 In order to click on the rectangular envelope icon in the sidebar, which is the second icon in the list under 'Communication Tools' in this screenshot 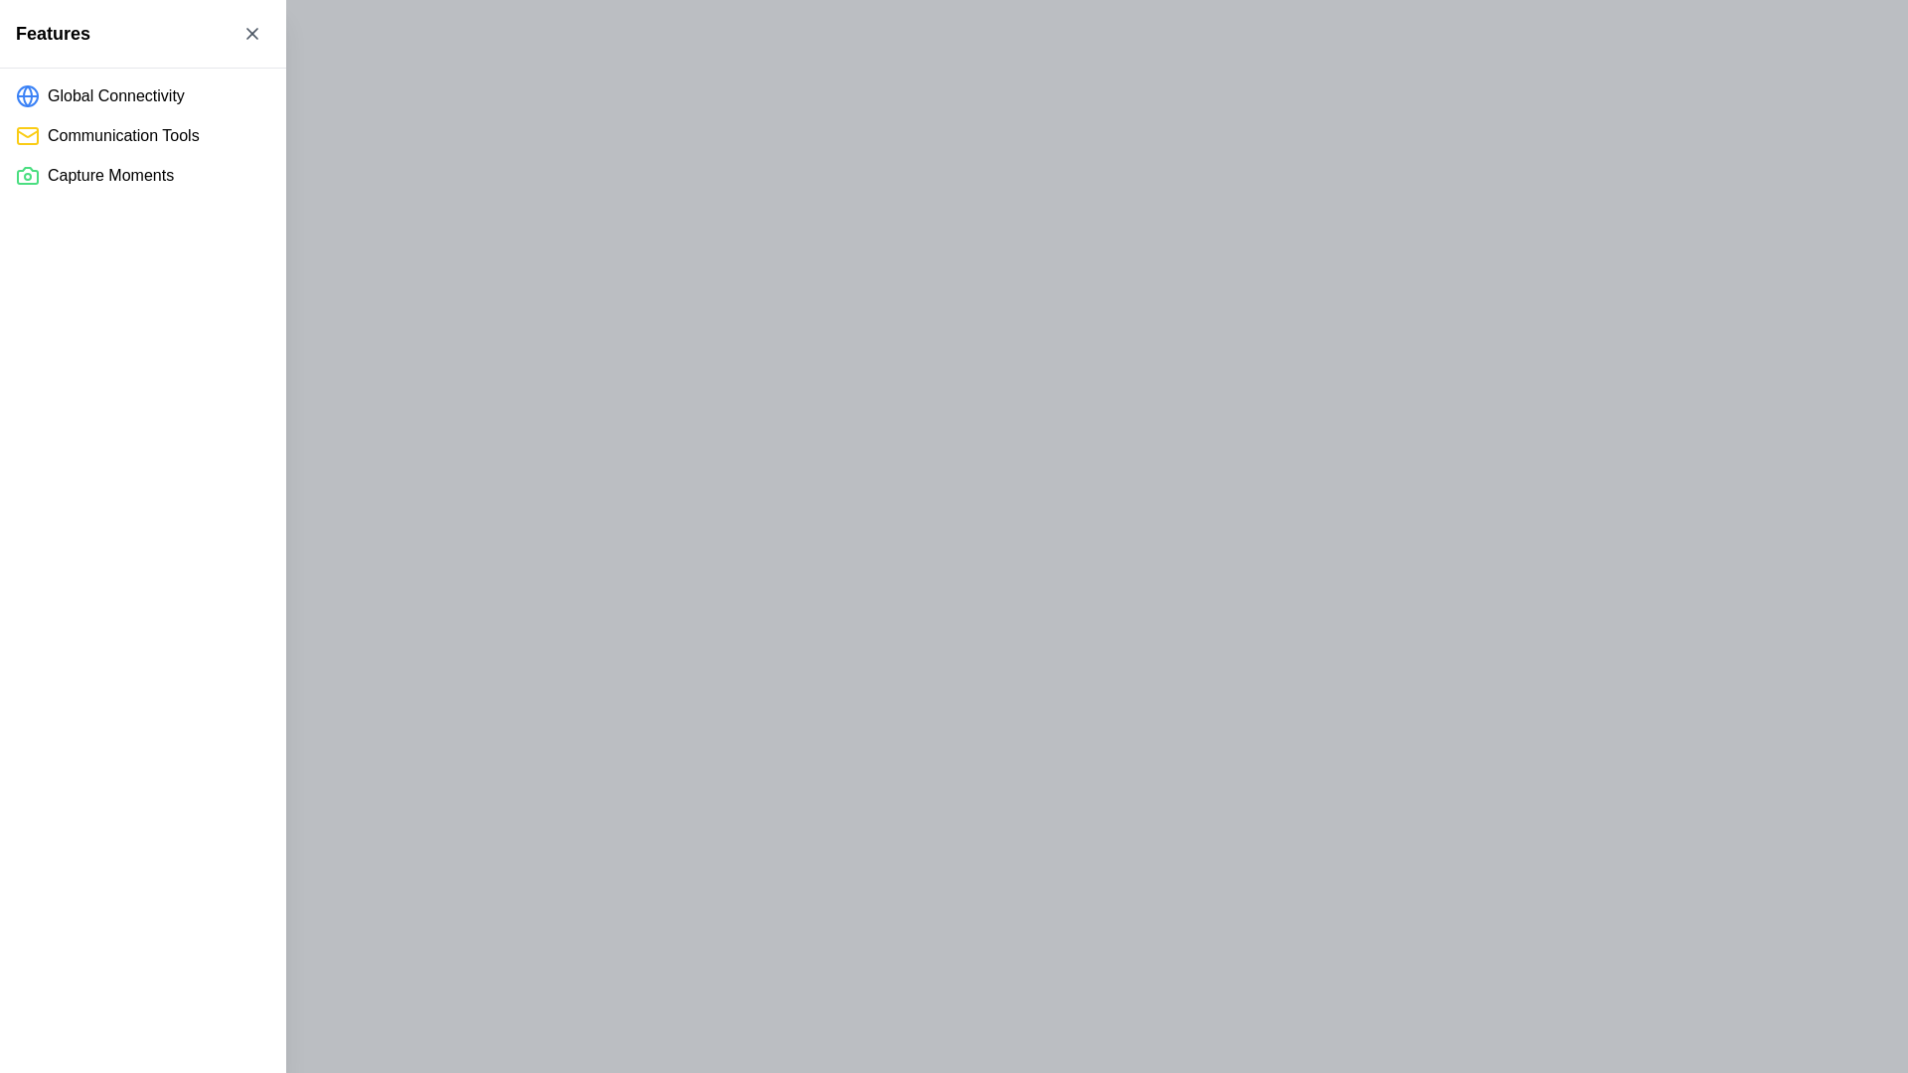, I will do `click(28, 135)`.